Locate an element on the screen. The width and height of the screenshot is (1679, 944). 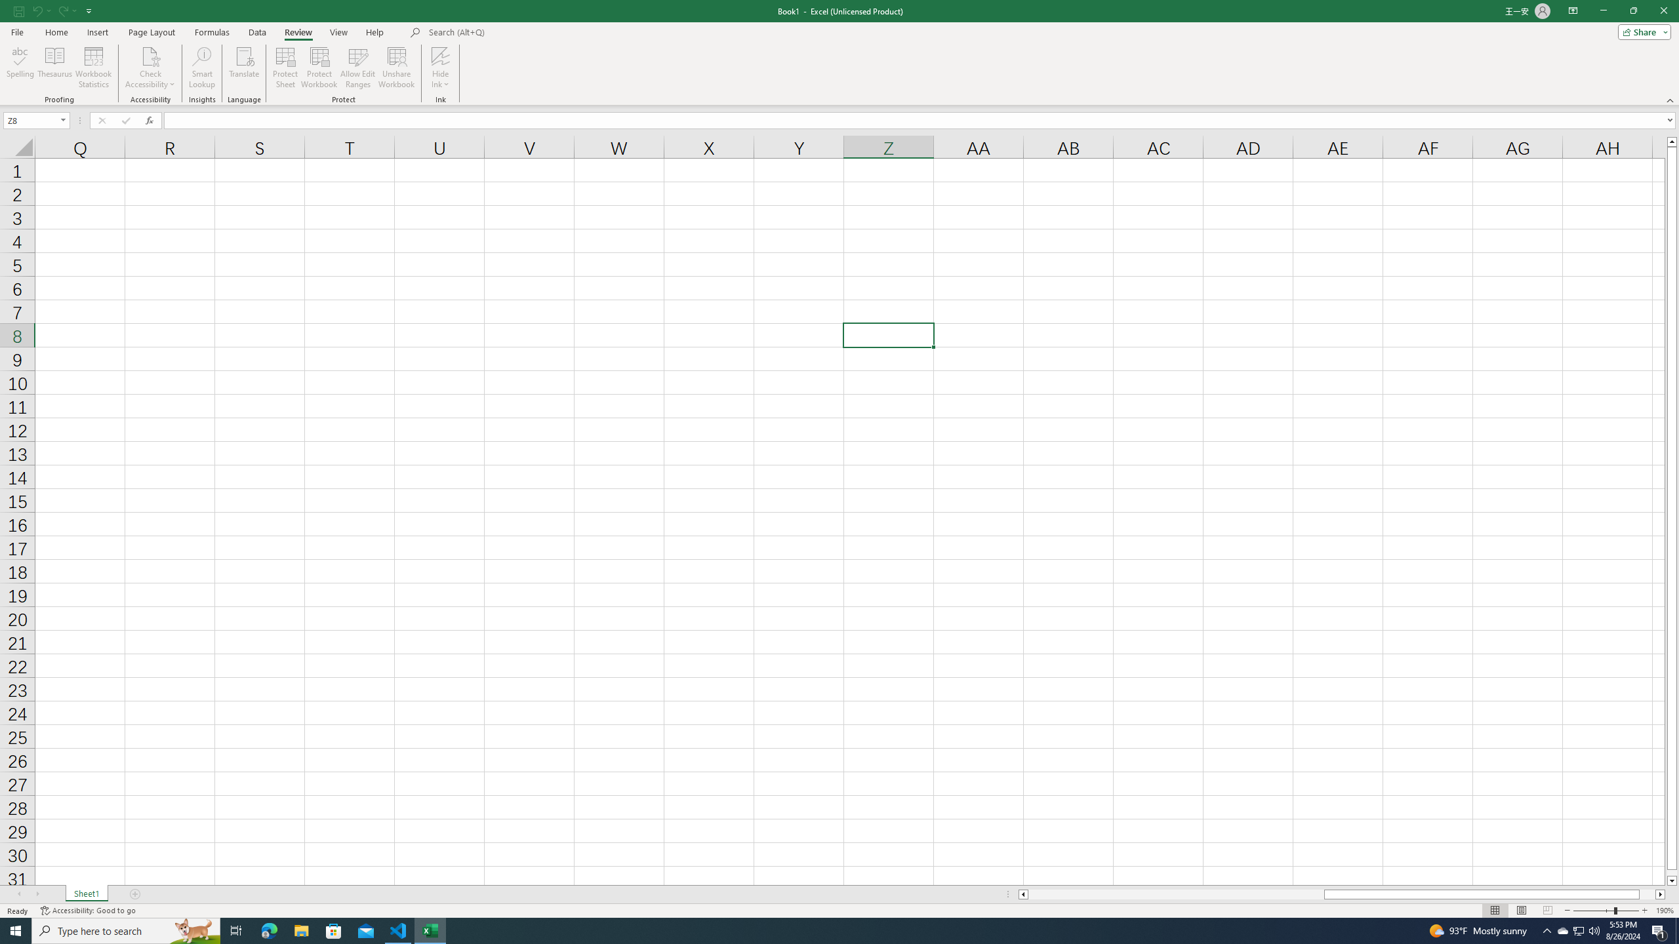
'Hide Ink' is located at coordinates (441, 55).